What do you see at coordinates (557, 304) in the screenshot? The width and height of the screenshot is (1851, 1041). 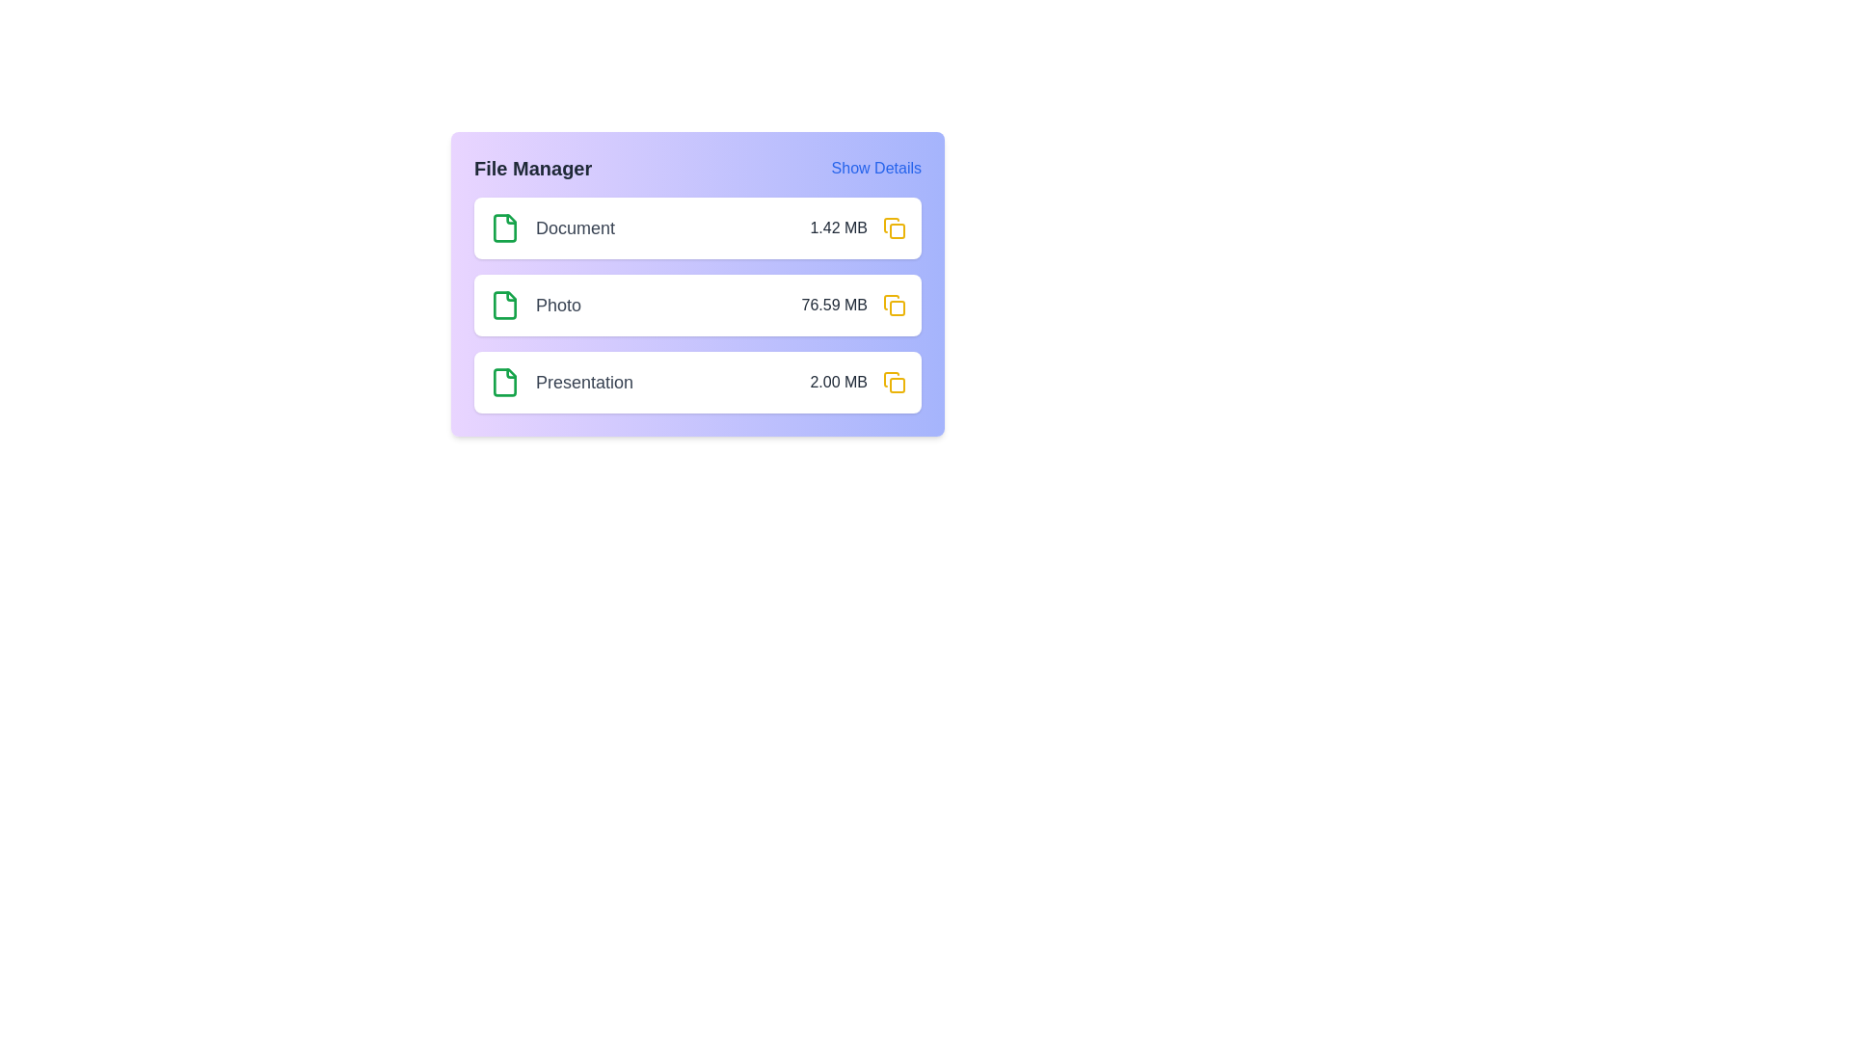 I see `text of the 'Photo' label, which is styled in medium-sized gray font and located in the file manager interface, positioned to the right of a green icon` at bounding box center [557, 304].